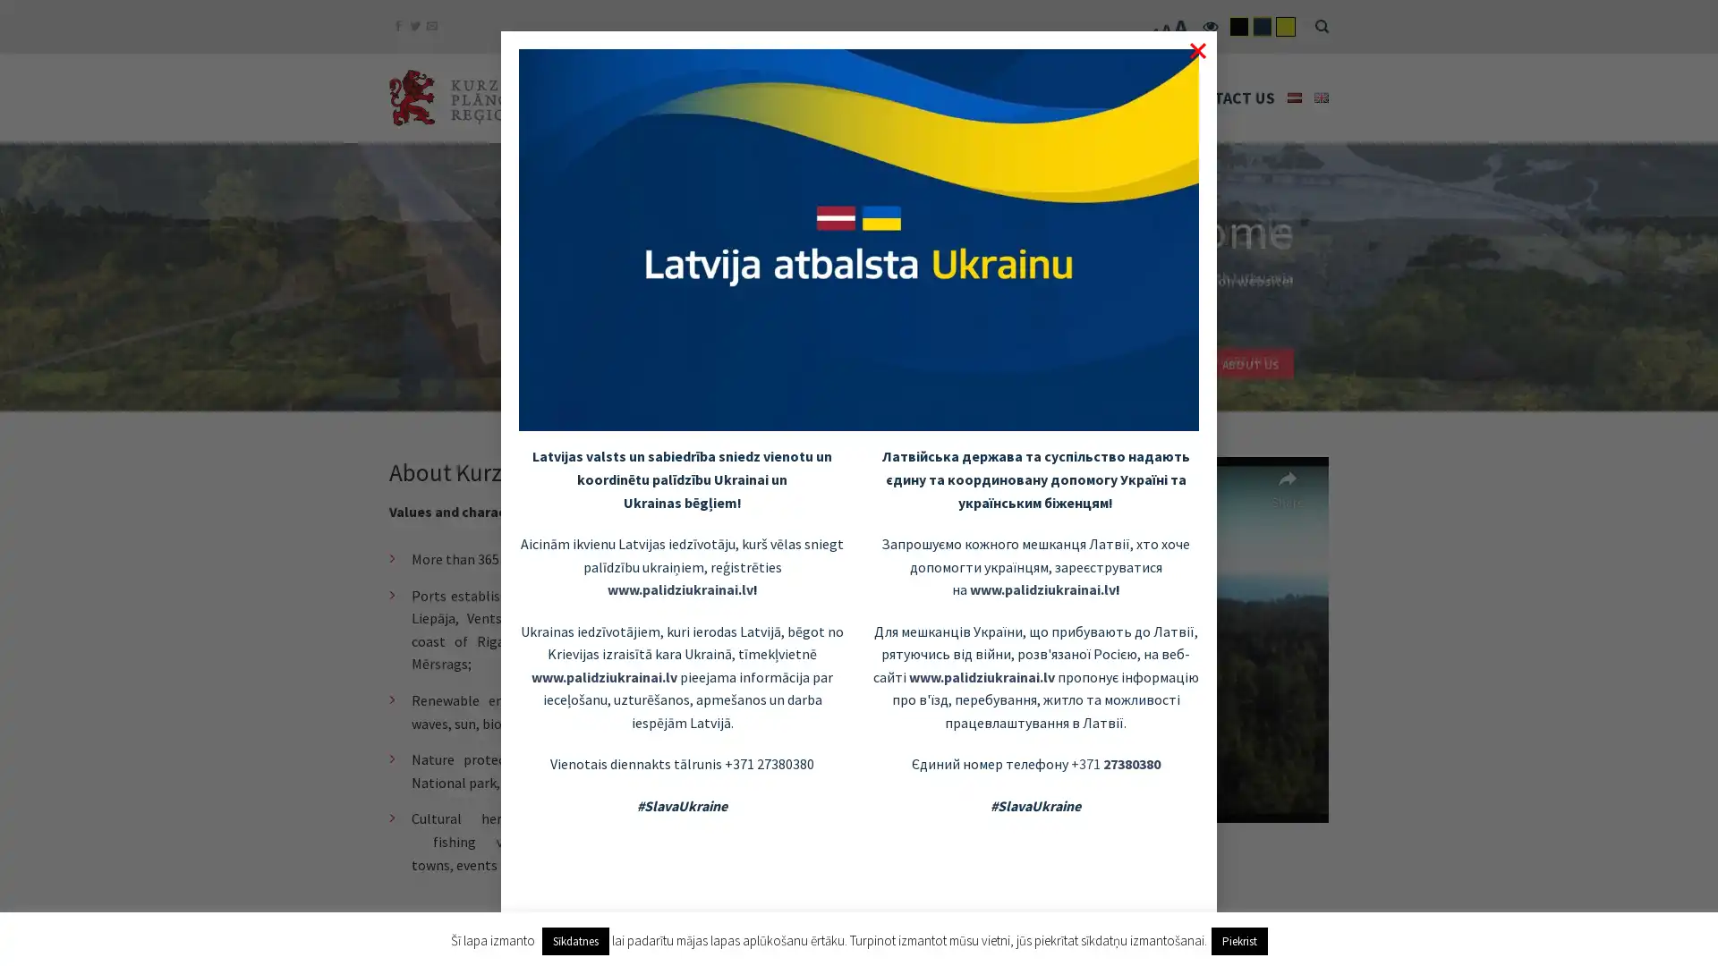 The height and width of the screenshot is (966, 1718). Describe the element at coordinates (574, 940) in the screenshot. I see `Sikdatnes` at that location.